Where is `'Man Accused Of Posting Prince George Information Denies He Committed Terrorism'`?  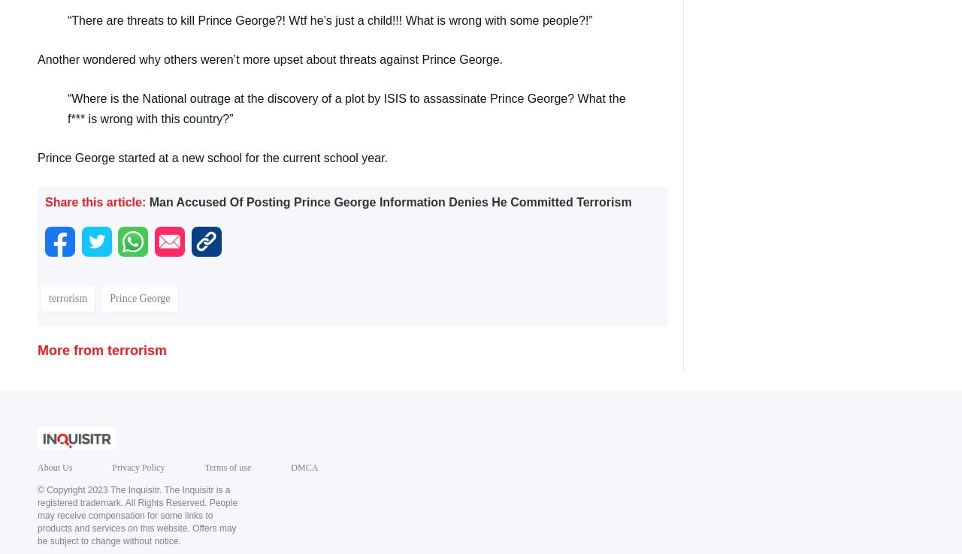 'Man Accused Of Posting Prince George Information Denies He Committed Terrorism' is located at coordinates (390, 201).